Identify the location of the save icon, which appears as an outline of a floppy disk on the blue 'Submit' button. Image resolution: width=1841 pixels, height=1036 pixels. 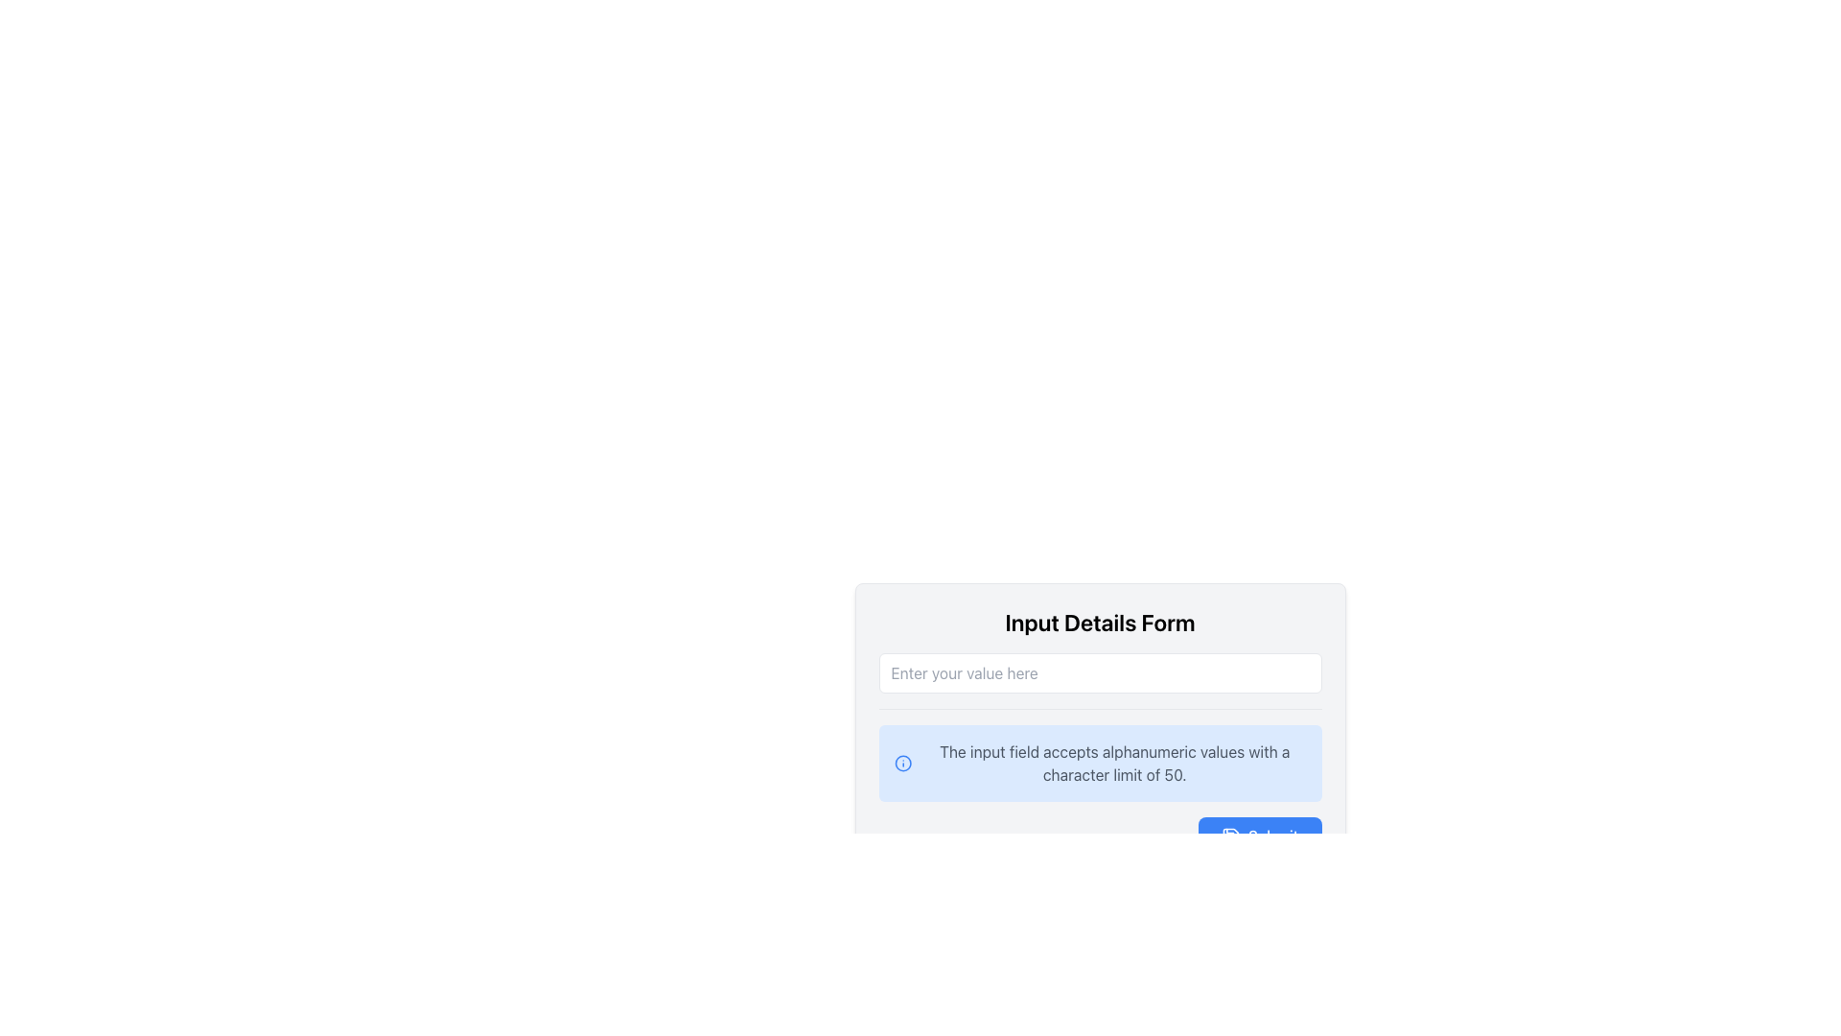
(1230, 835).